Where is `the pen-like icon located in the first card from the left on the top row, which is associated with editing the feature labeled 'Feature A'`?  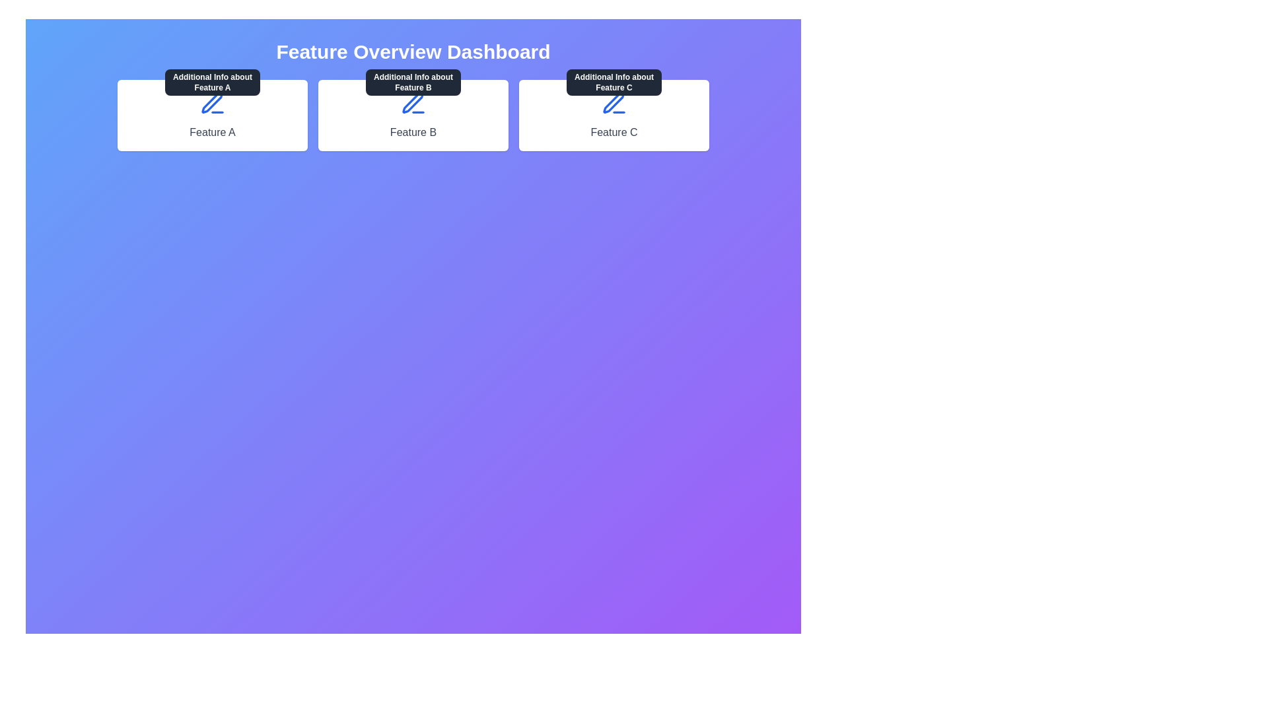
the pen-like icon located in the first card from the left on the top row, which is associated with editing the feature labeled 'Feature A' is located at coordinates (212, 103).